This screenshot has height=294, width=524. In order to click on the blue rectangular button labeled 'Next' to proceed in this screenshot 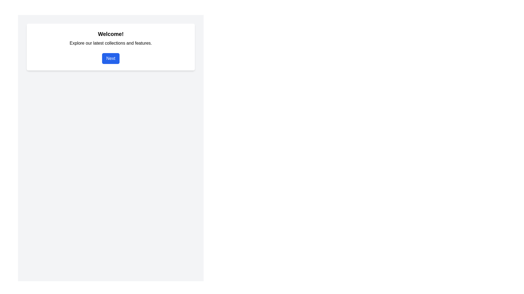, I will do `click(111, 59)`.